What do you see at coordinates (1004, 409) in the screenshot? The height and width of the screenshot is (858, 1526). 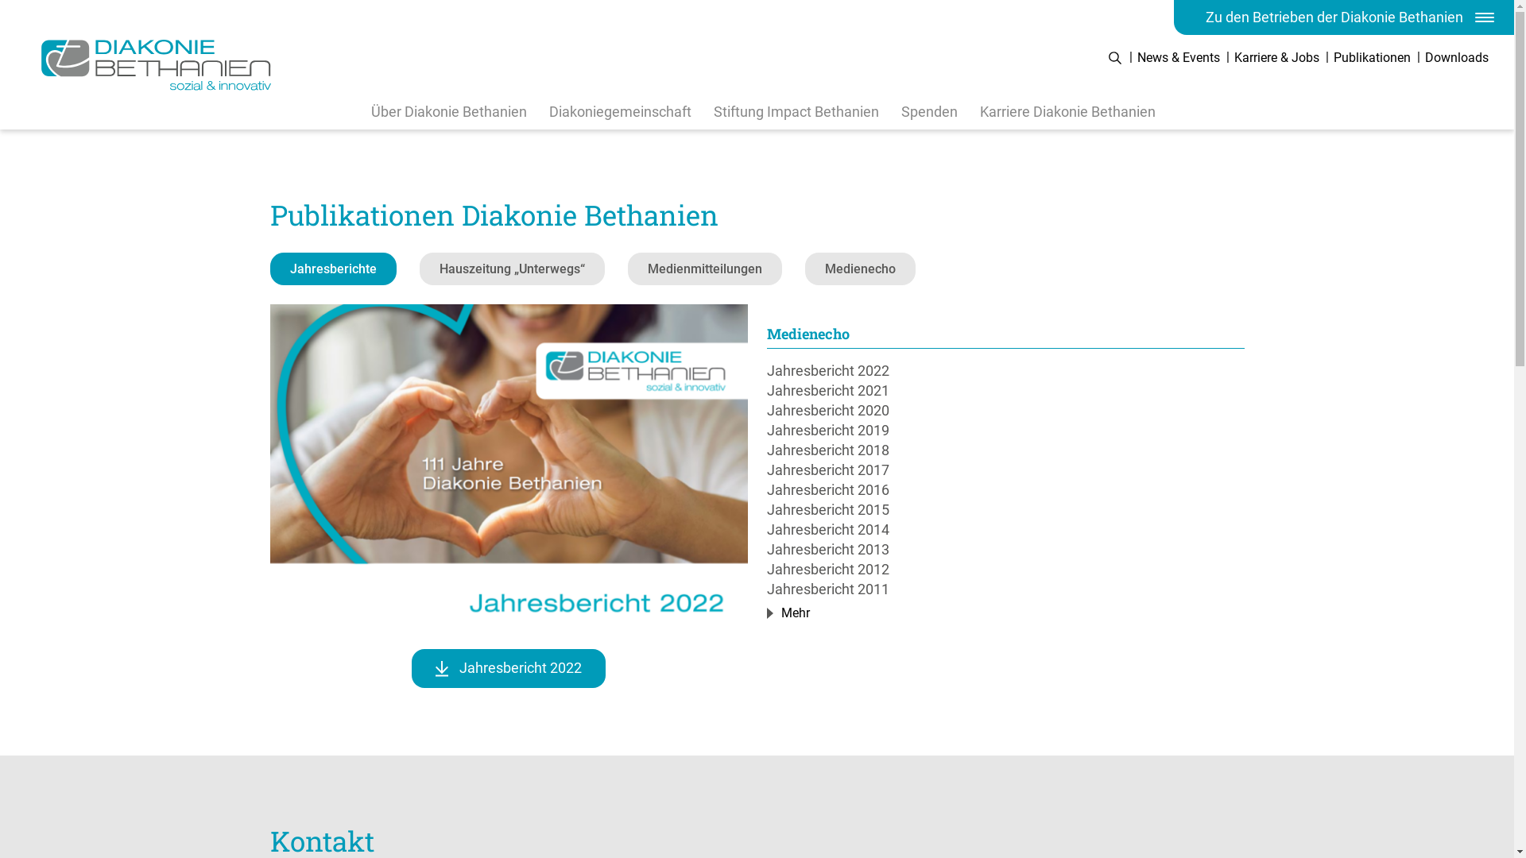 I see `'Jahresbericht 2020'` at bounding box center [1004, 409].